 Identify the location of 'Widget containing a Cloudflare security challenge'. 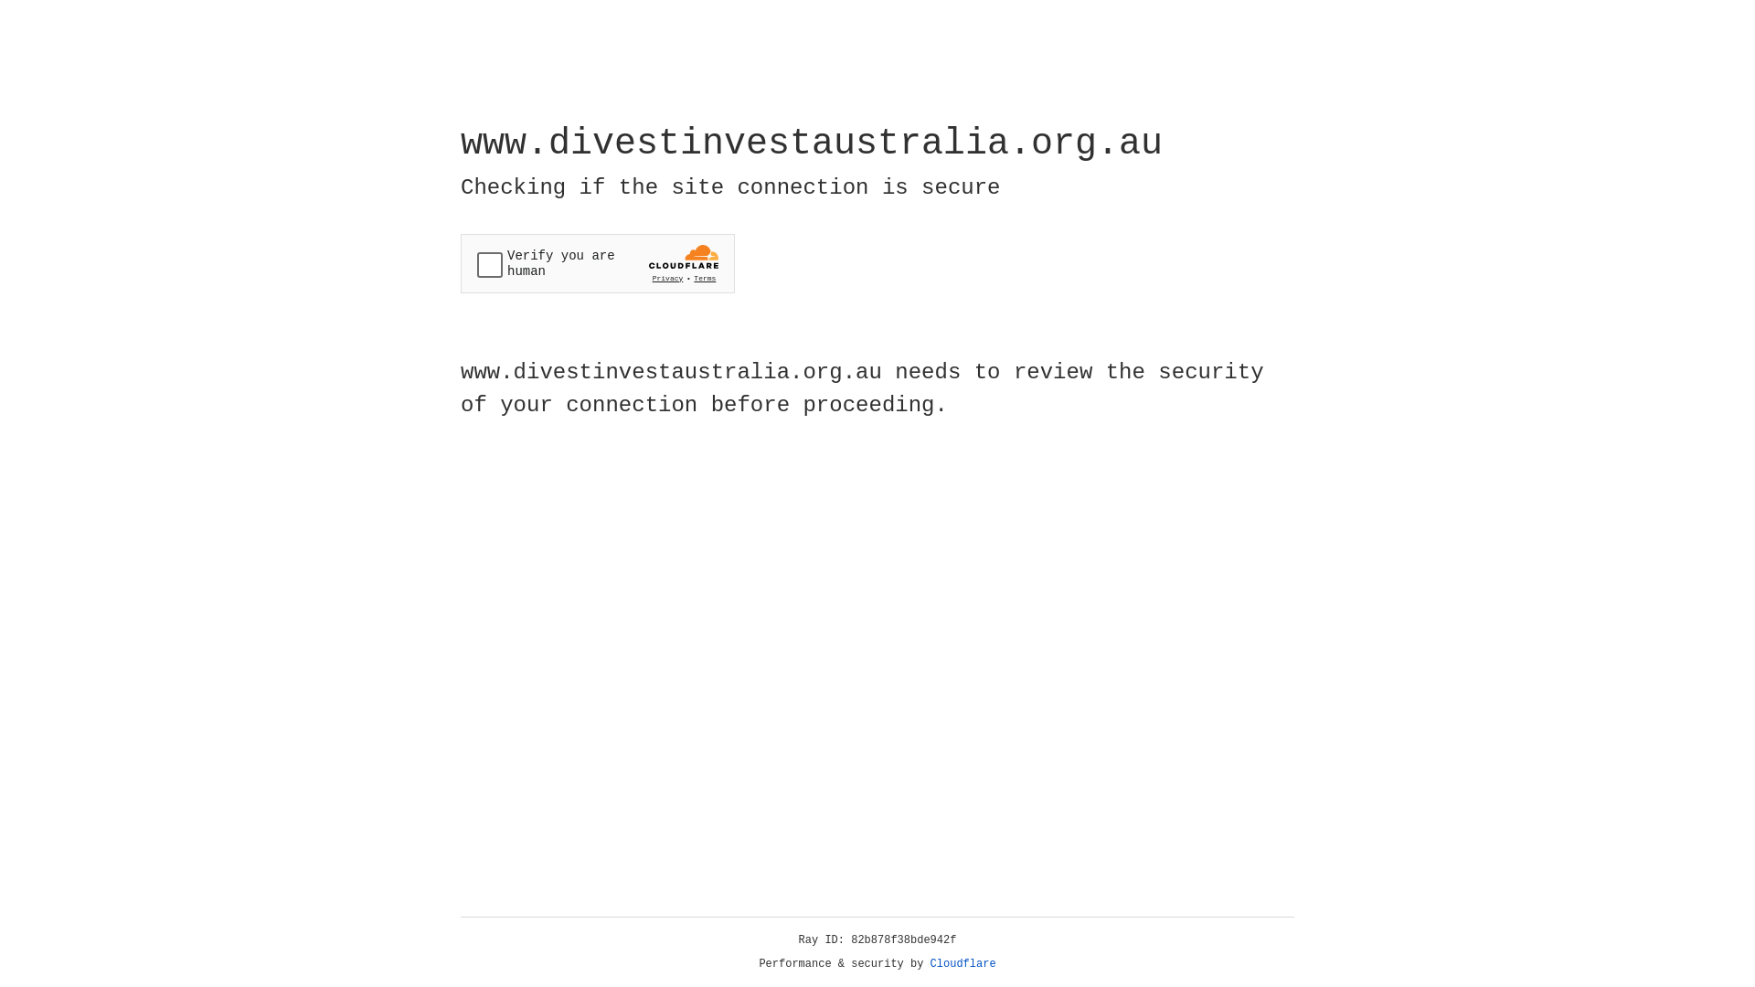
(597, 263).